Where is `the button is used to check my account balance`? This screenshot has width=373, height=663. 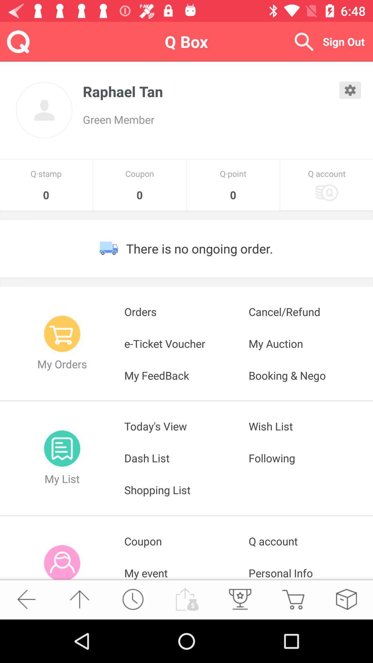
the button is used to check my account balance is located at coordinates (186, 599).